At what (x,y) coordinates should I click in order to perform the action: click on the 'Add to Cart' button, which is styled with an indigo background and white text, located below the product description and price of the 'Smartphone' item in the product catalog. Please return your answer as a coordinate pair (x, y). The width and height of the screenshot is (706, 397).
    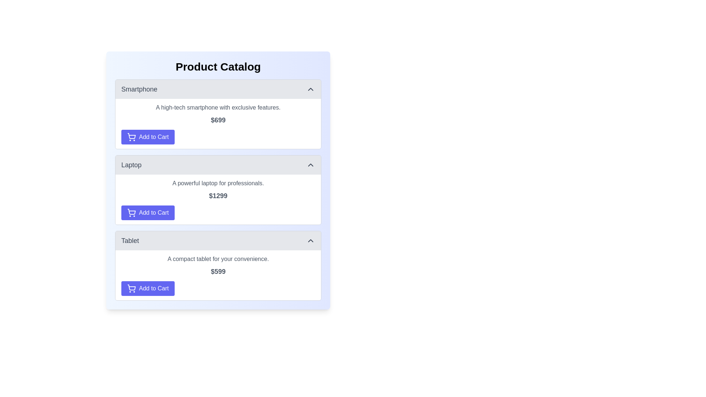
    Looking at the image, I should click on (147, 137).